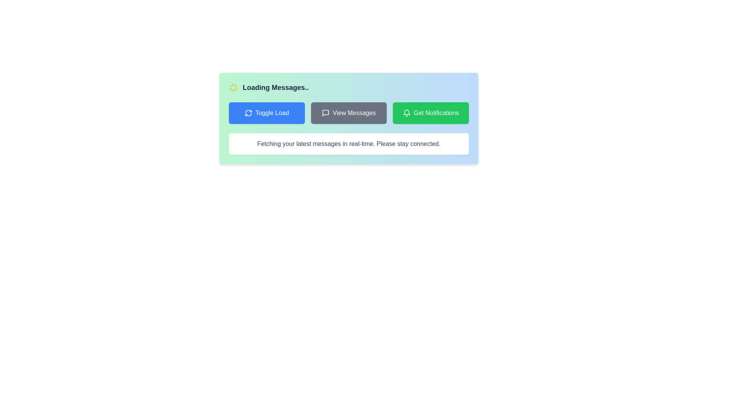 The width and height of the screenshot is (741, 417). What do you see at coordinates (354, 113) in the screenshot?
I see `the 'View Messages' text label, which is part of an interactive button with a white font on a gray background, located in the middle-right portion of the button` at bounding box center [354, 113].